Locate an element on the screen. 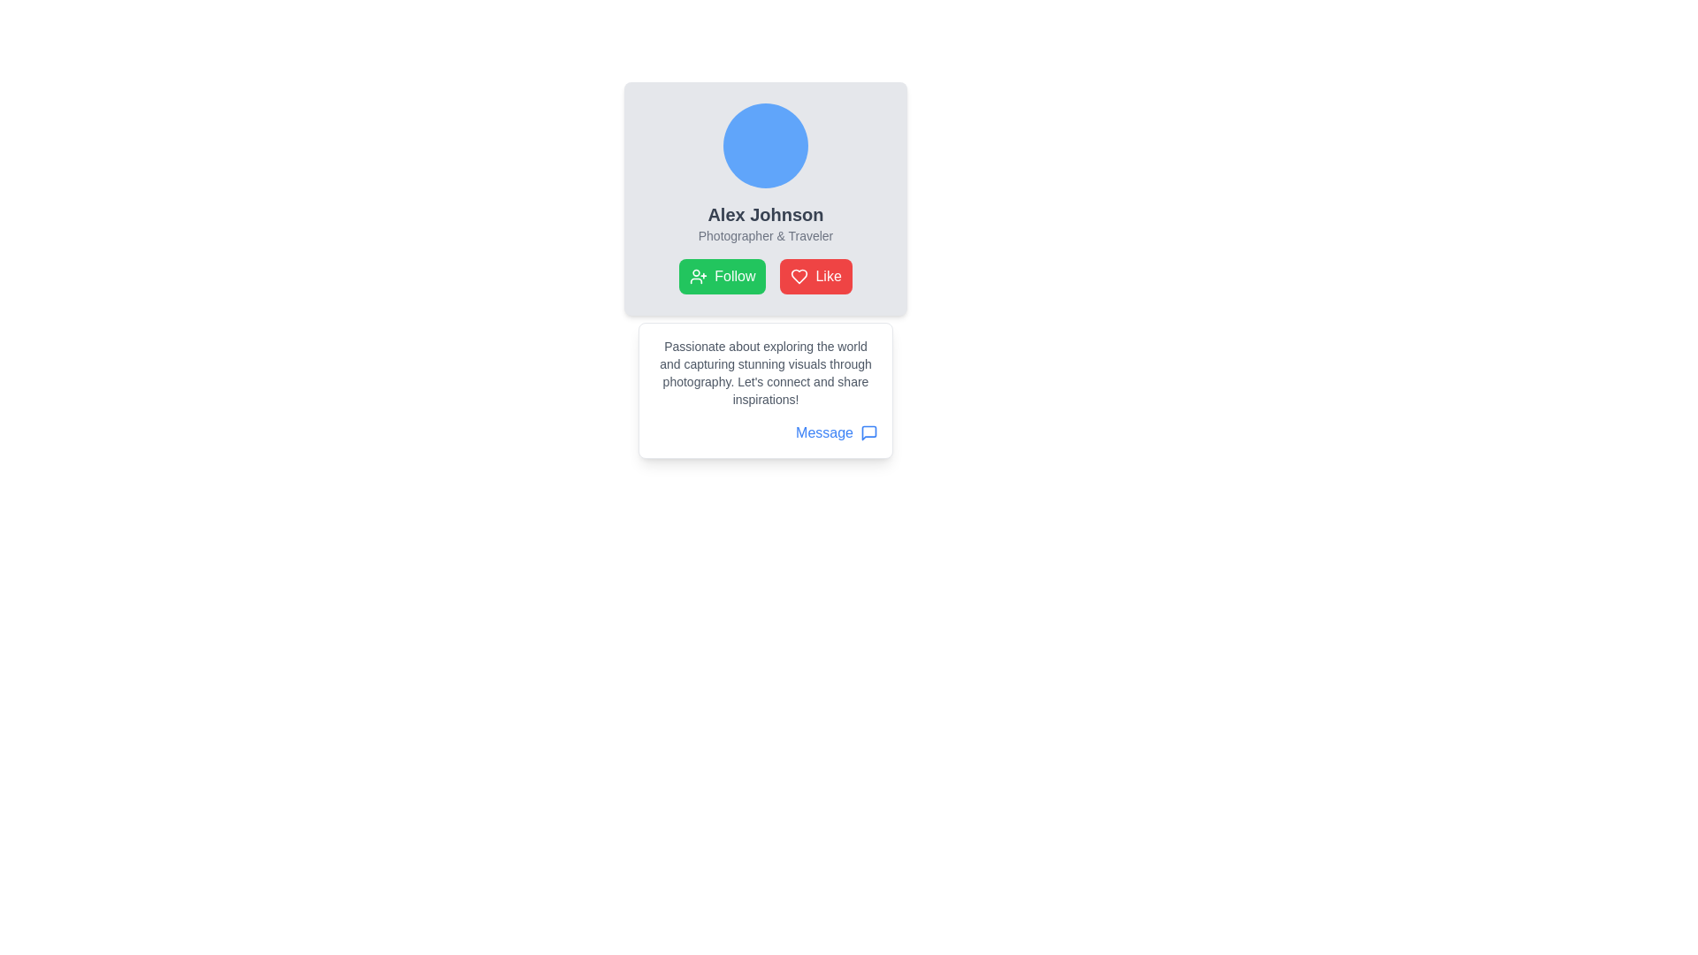 Image resolution: width=1698 pixels, height=955 pixels. the green 'Follow' button with rounded corners, which features a white text and an icon of a person with a plus sign is located at coordinates (723, 276).